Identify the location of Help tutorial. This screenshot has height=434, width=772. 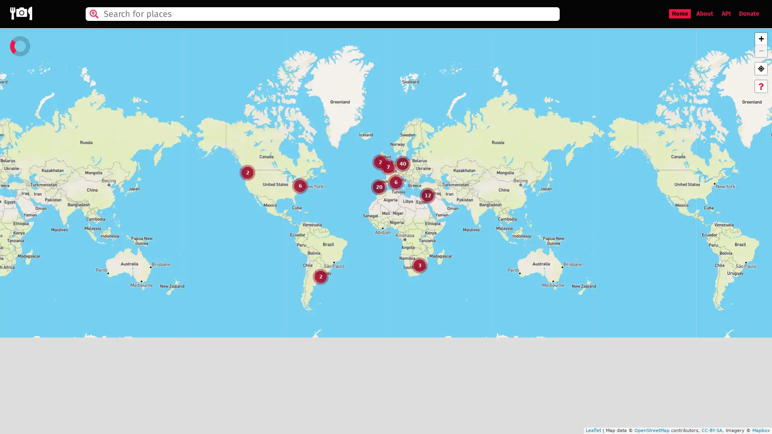
(760, 86).